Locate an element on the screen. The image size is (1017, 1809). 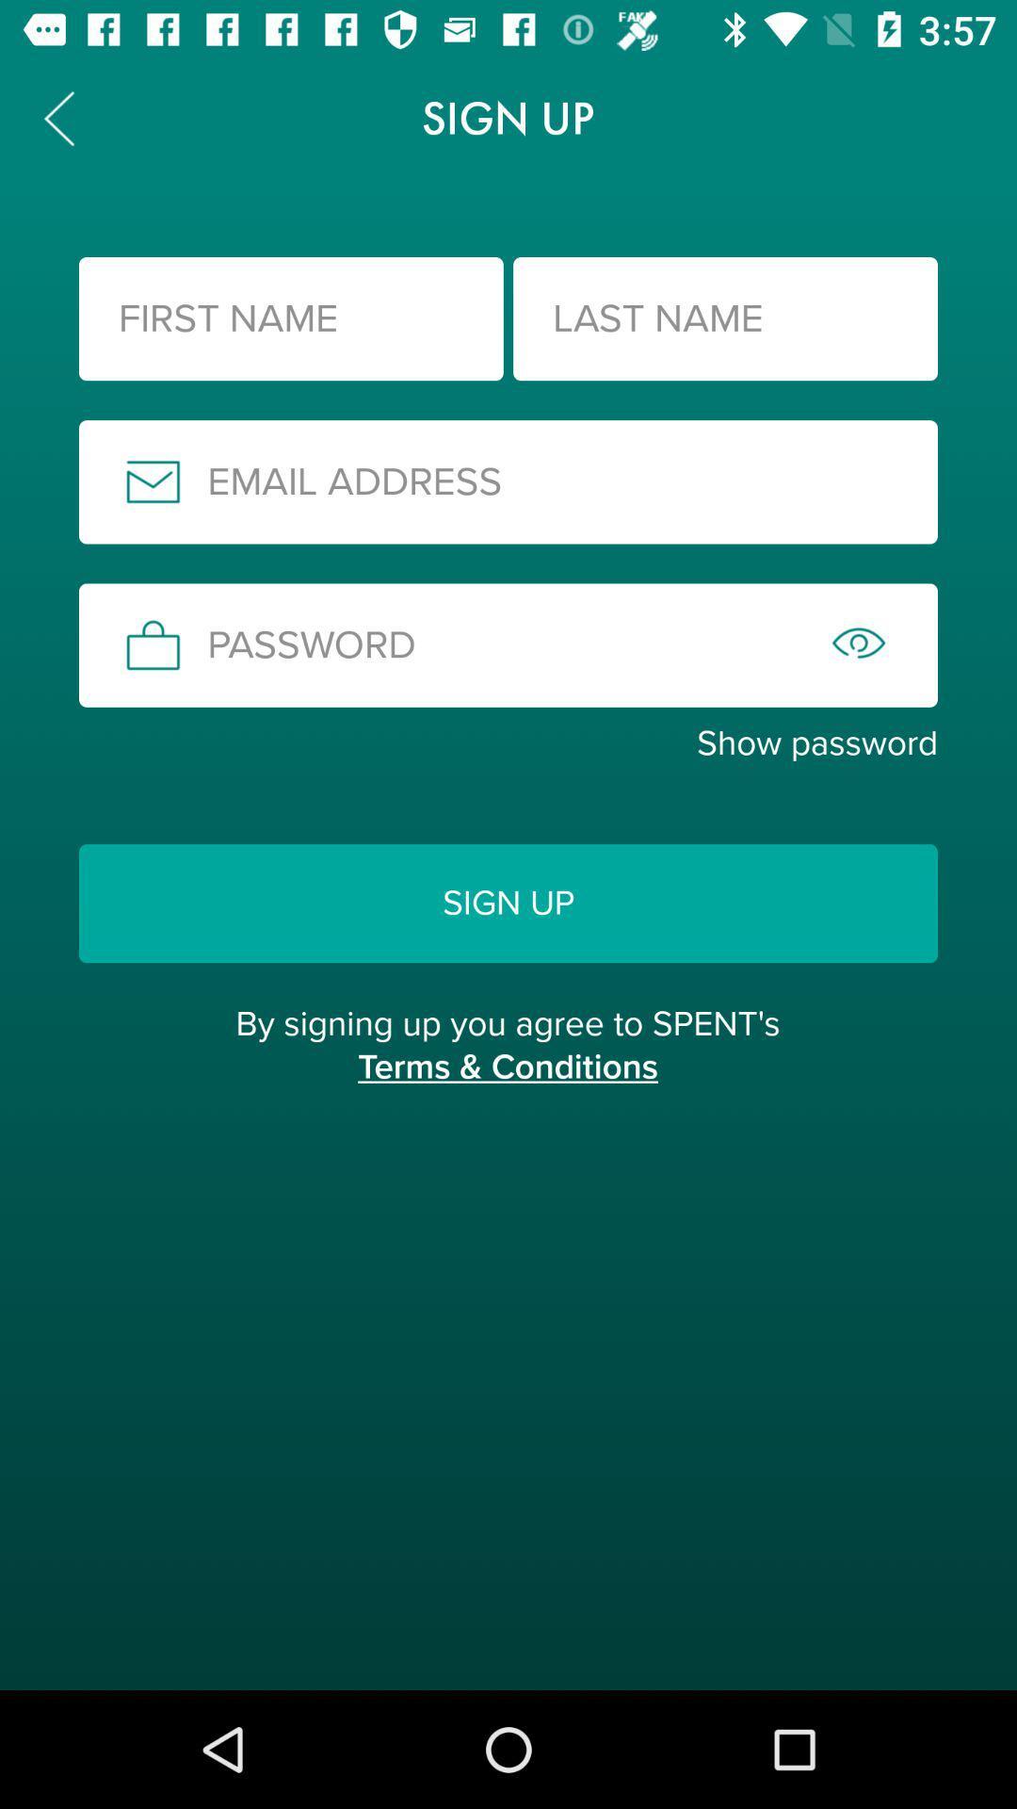
show password is located at coordinates (508, 742).